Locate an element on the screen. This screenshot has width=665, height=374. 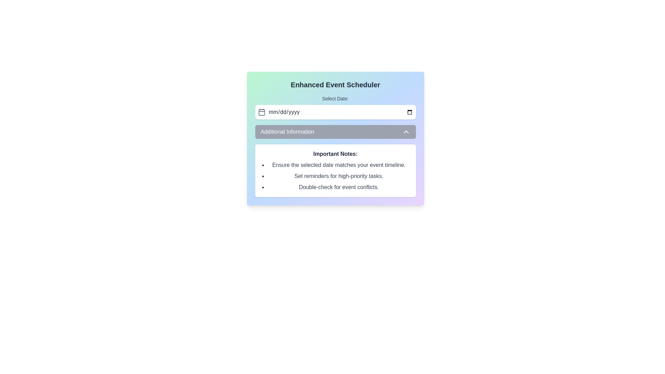
the decorative shape within the calendar icon, which is primarily located in the center of the icon and serves a structural role without direct interactions is located at coordinates (261, 112).